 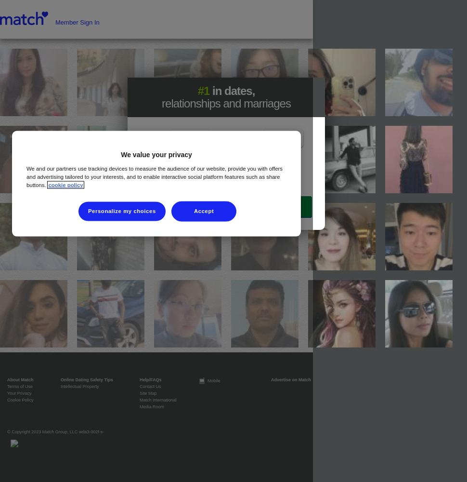 What do you see at coordinates (159, 184) in the screenshot?
I see `'Country:'` at bounding box center [159, 184].